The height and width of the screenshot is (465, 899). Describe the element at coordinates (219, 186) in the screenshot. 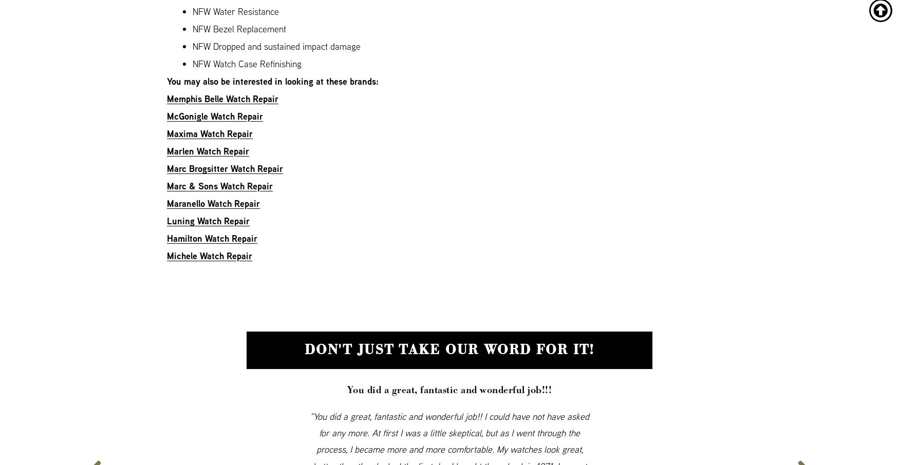

I see `'Marc & Sons Watch Repair'` at that location.